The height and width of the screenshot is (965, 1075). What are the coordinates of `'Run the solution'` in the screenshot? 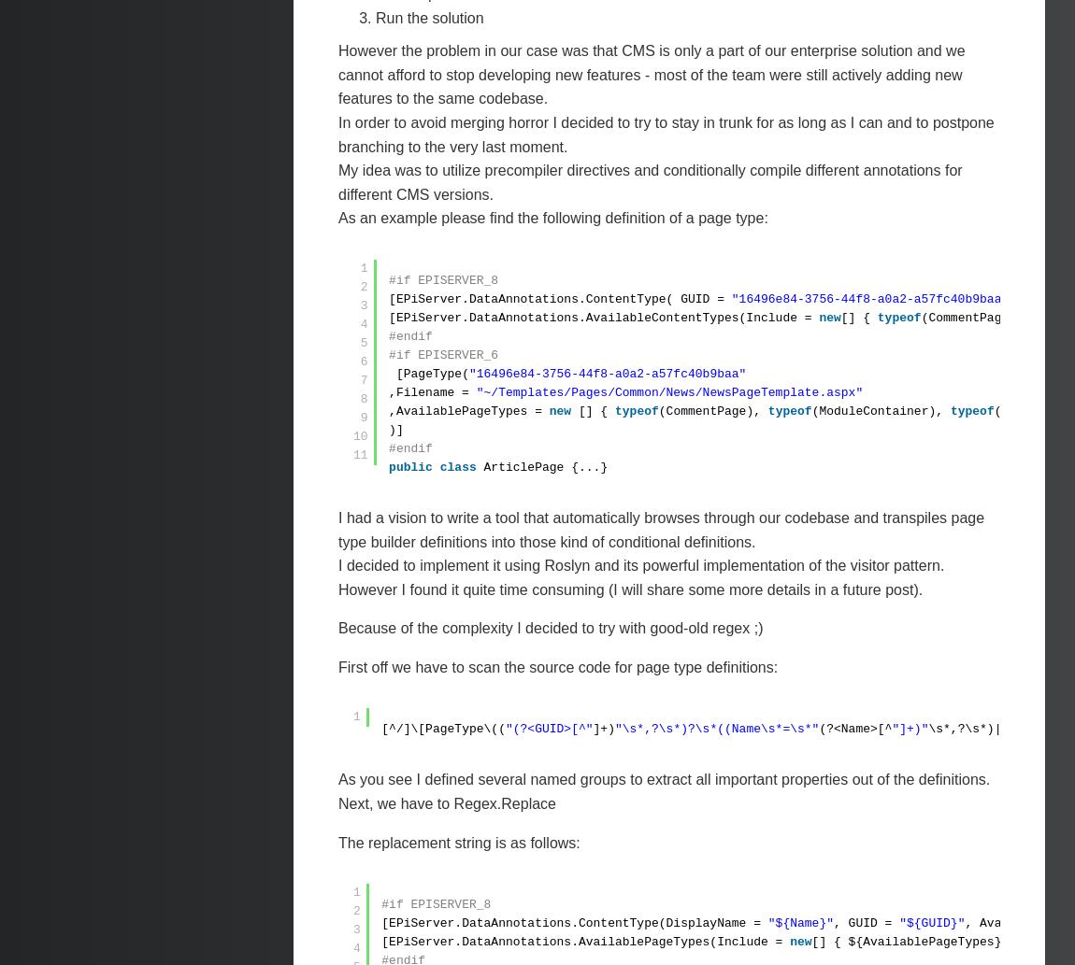 It's located at (429, 17).